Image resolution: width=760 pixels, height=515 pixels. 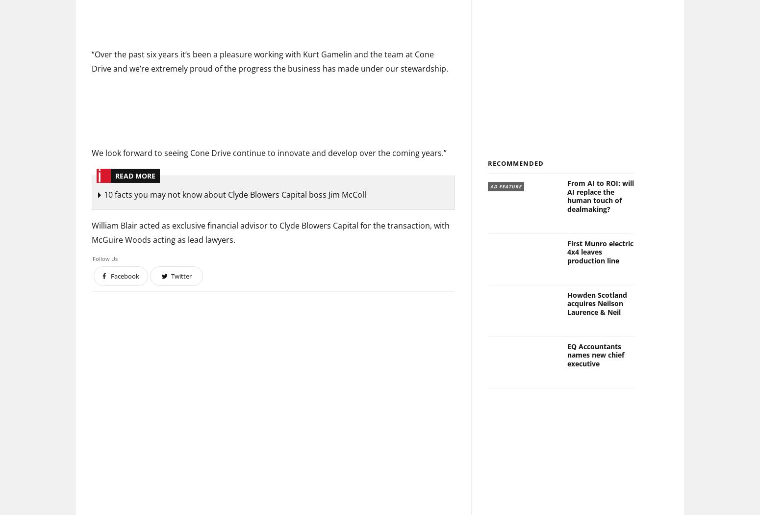 What do you see at coordinates (600, 251) in the screenshot?
I see `'First Munro electric 4x4 leaves production line'` at bounding box center [600, 251].